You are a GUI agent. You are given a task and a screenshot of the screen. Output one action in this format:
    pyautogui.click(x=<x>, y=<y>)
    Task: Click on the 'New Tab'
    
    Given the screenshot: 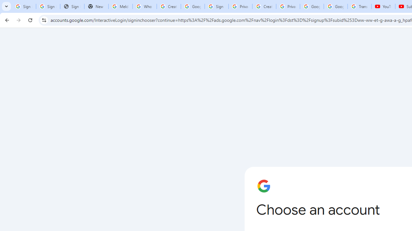 What is the action you would take?
    pyautogui.click(x=96, y=6)
    